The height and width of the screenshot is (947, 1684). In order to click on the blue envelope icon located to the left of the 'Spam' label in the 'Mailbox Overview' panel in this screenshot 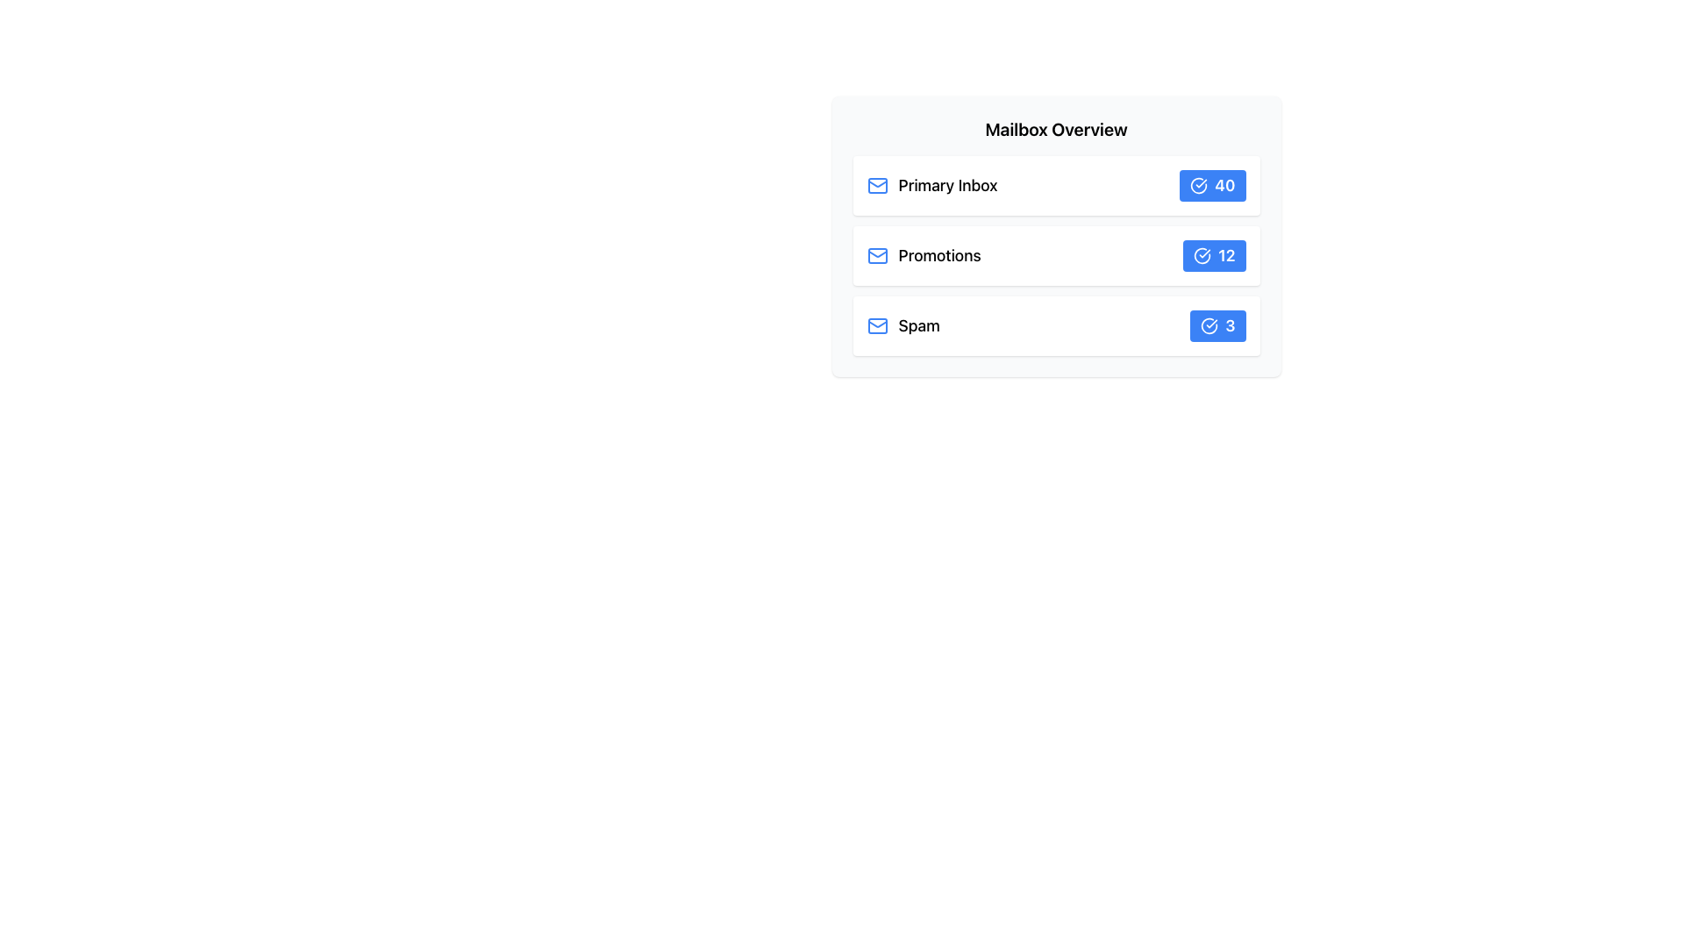, I will do `click(877, 325)`.